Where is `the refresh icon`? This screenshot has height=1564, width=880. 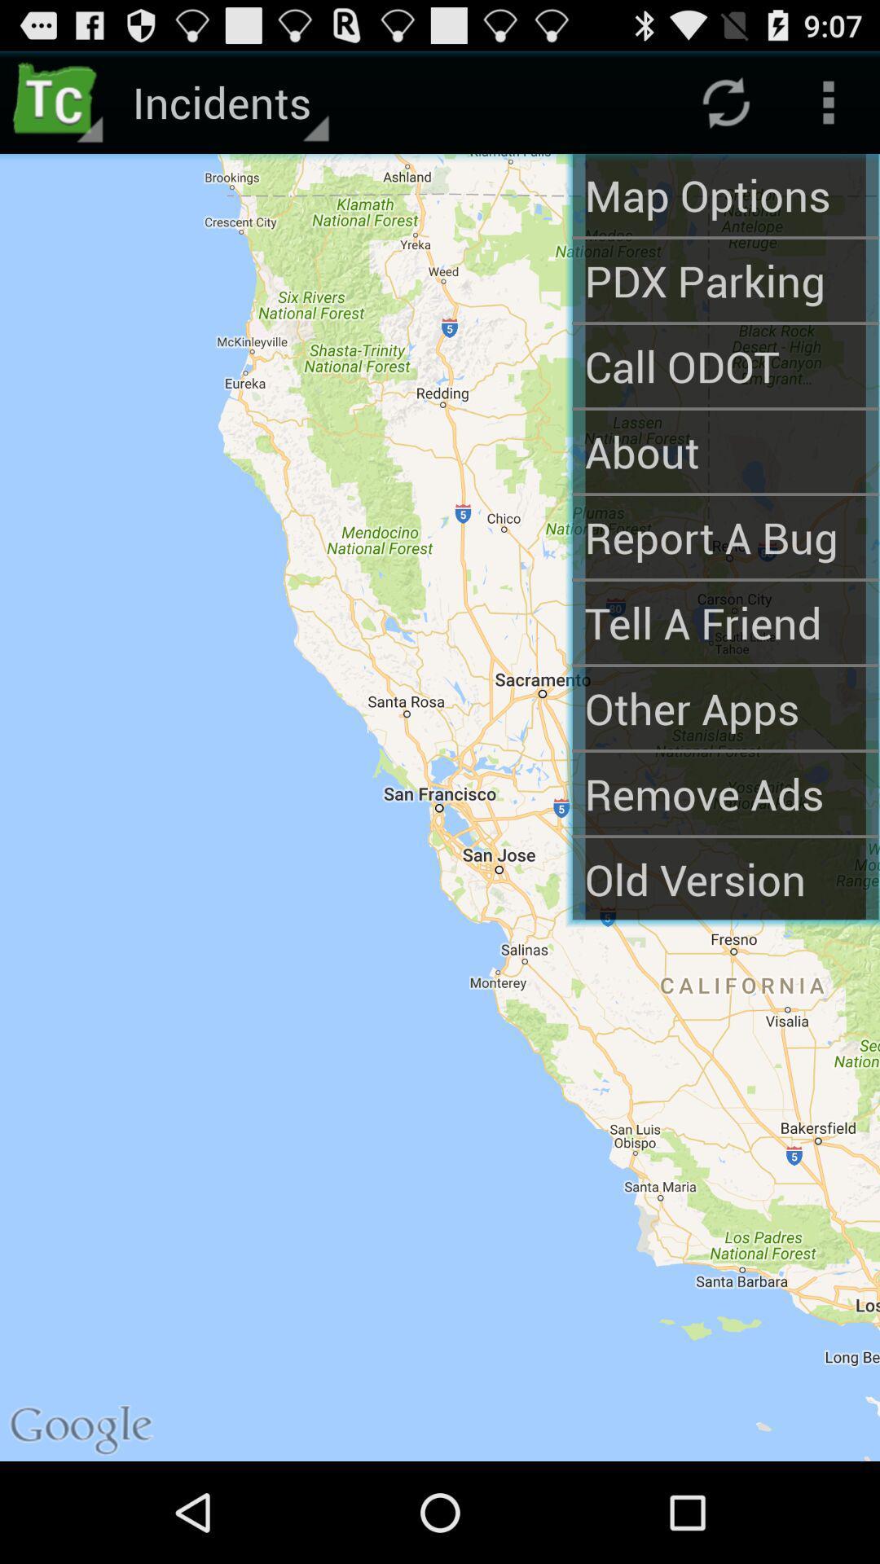
the refresh icon is located at coordinates (725, 108).